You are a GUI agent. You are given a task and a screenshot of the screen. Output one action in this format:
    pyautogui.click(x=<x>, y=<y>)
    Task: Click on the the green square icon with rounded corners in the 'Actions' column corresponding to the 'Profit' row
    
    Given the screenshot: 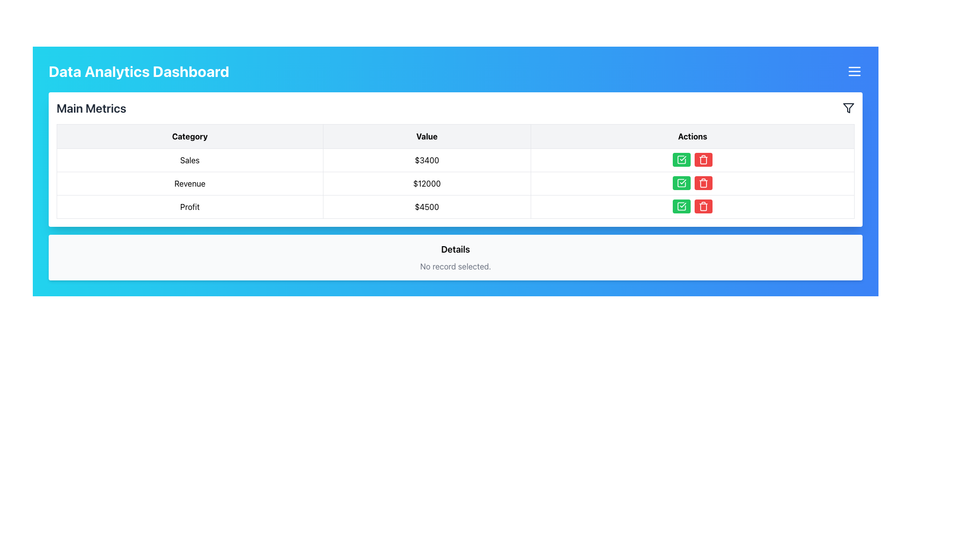 What is the action you would take?
    pyautogui.click(x=681, y=206)
    